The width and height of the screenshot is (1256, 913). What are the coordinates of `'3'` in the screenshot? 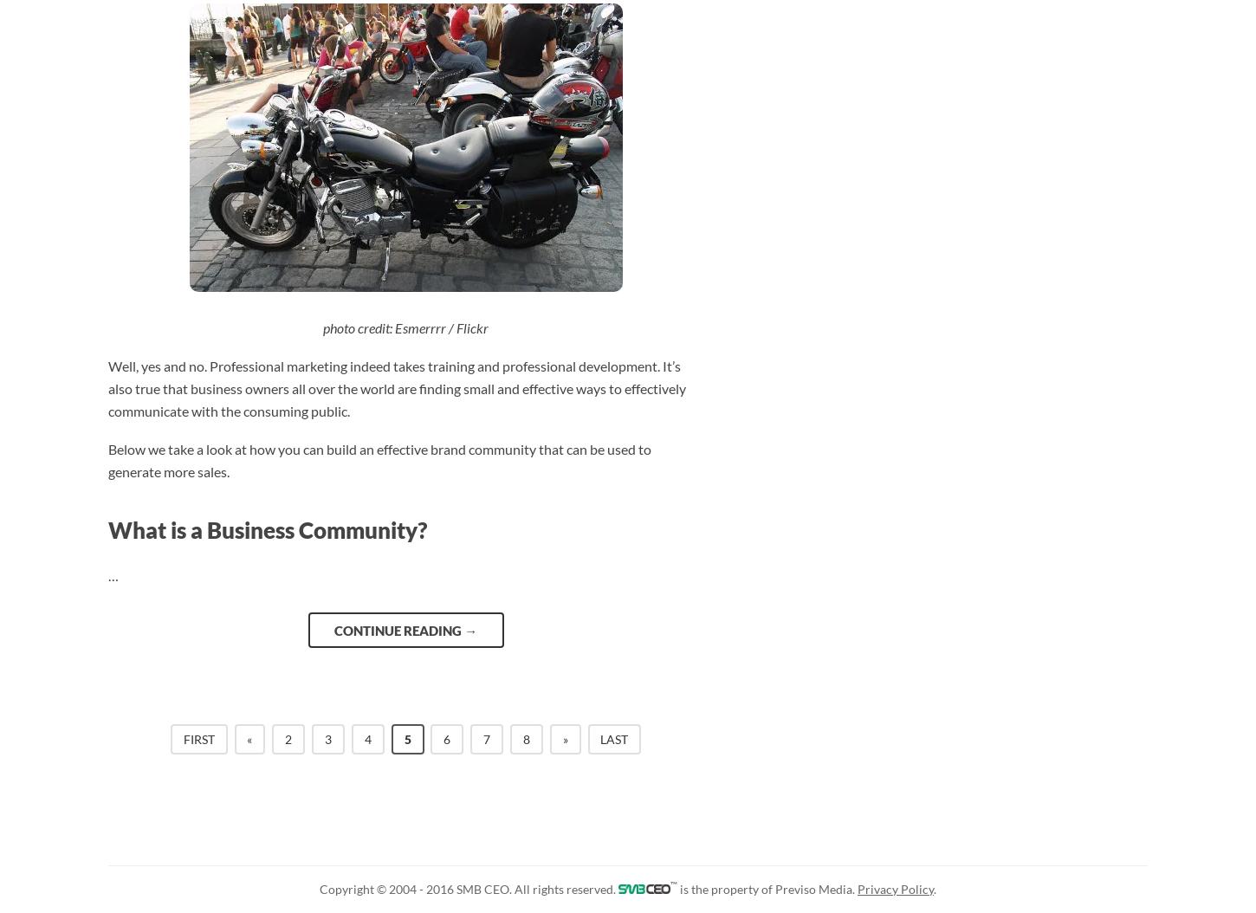 It's located at (327, 738).